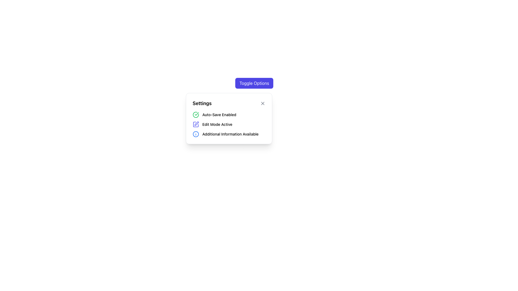 The image size is (518, 291). Describe the element at coordinates (195, 134) in the screenshot. I see `the circular information icon with a blue outline located to the left of the 'Additional Information Available' text label` at that location.